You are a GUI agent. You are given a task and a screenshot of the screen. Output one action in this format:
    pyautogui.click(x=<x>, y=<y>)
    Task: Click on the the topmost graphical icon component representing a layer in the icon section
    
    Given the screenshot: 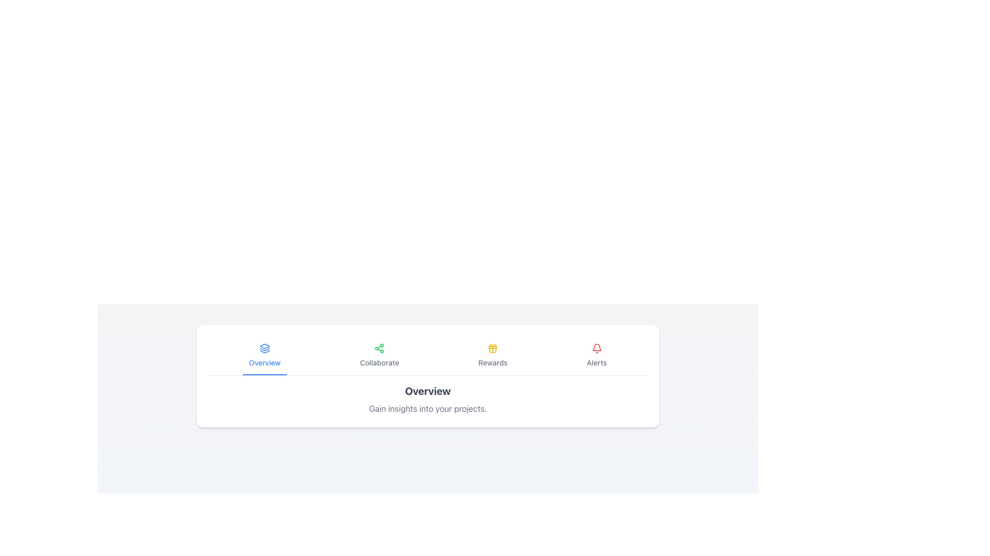 What is the action you would take?
    pyautogui.click(x=265, y=346)
    